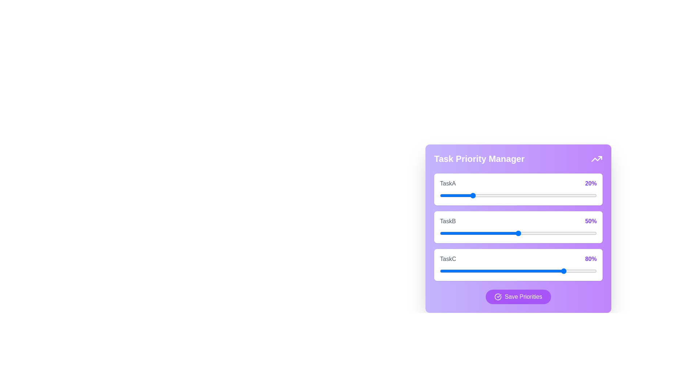 This screenshot has height=392, width=697. Describe the element at coordinates (518, 297) in the screenshot. I see `the 'Save Priorities' button` at that location.